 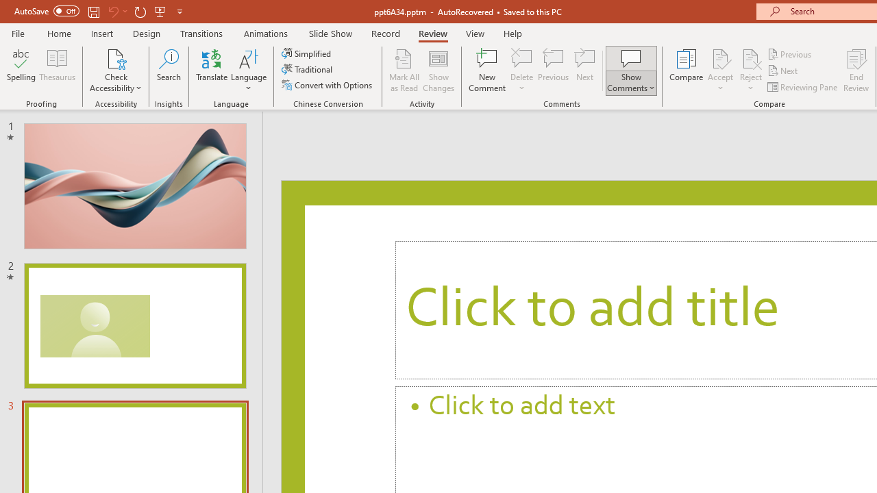 What do you see at coordinates (116, 71) in the screenshot?
I see `'Check Accessibility'` at bounding box center [116, 71].